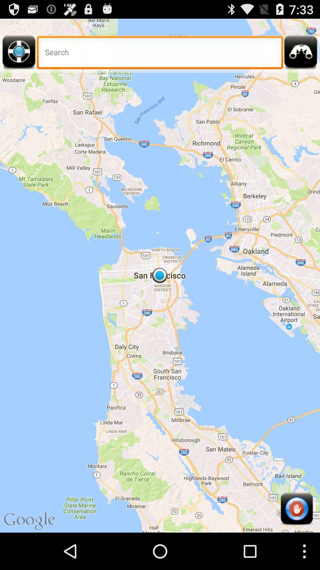 This screenshot has height=570, width=320. I want to click on search location, so click(160, 54).